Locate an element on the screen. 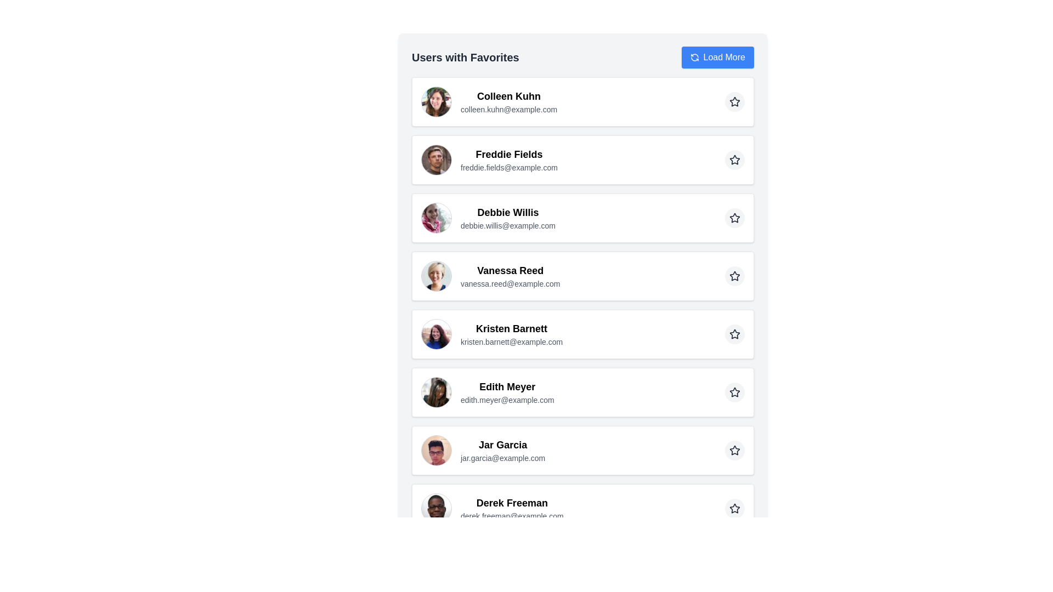  the star button associated with the 'Edith Meyer' user entry to favorite or unfavorite the user is located at coordinates (734, 392).